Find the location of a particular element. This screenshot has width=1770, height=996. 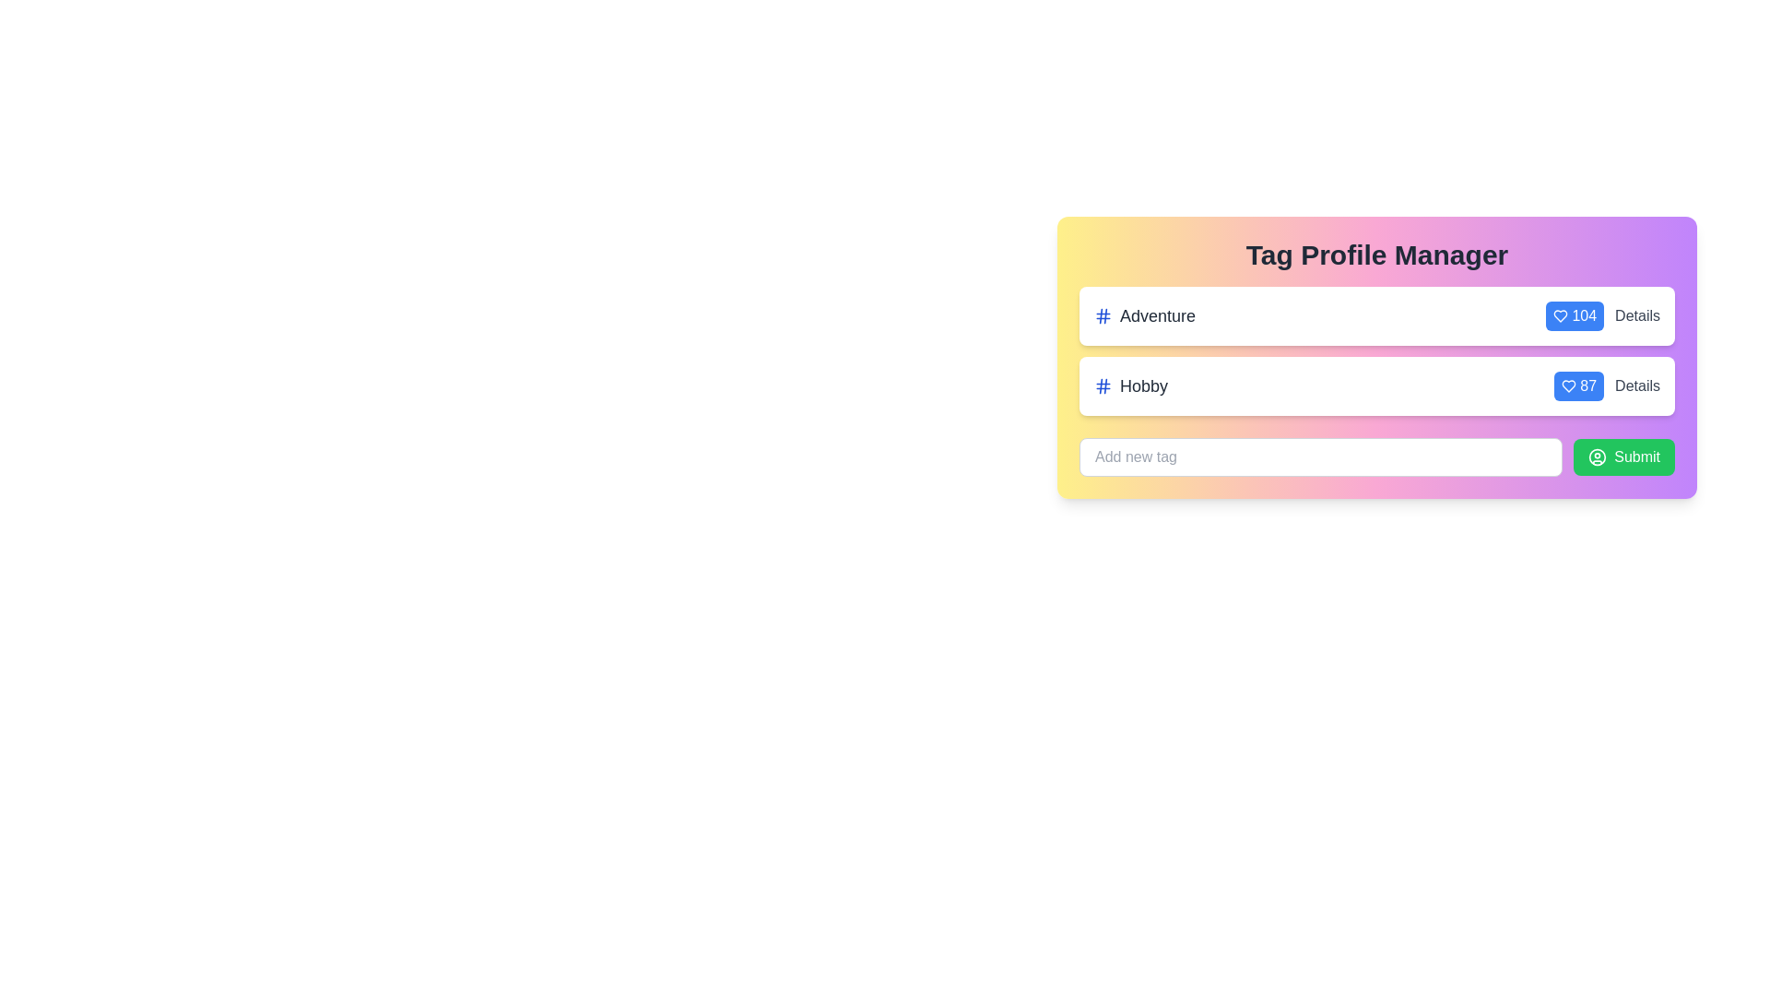

the numeric label '104' styled in white text on a blue background is located at coordinates (1602, 315).